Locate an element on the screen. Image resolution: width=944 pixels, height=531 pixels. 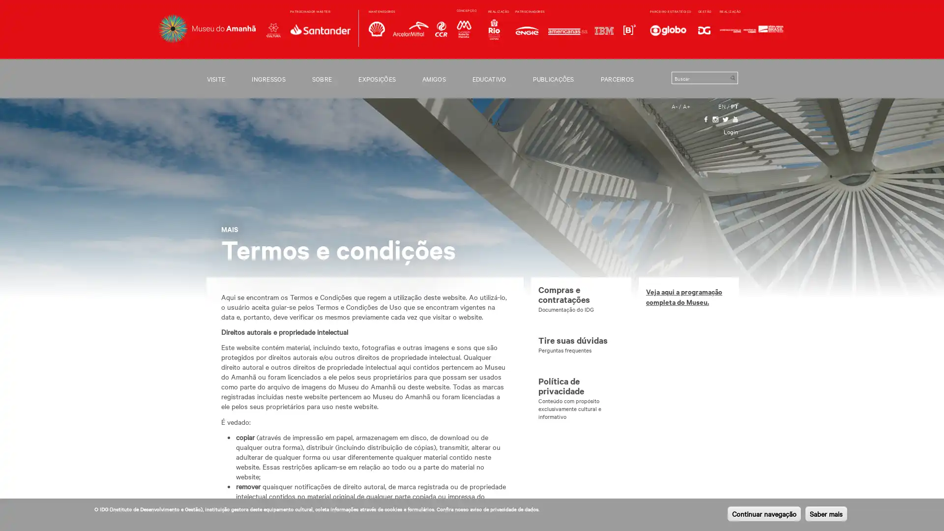
Continuar navegacao is located at coordinates (764, 513).